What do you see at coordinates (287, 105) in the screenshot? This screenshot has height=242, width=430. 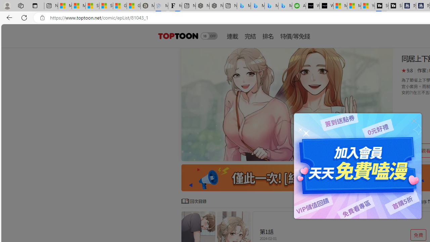 I see `'Class: swiper-slide'` at bounding box center [287, 105].